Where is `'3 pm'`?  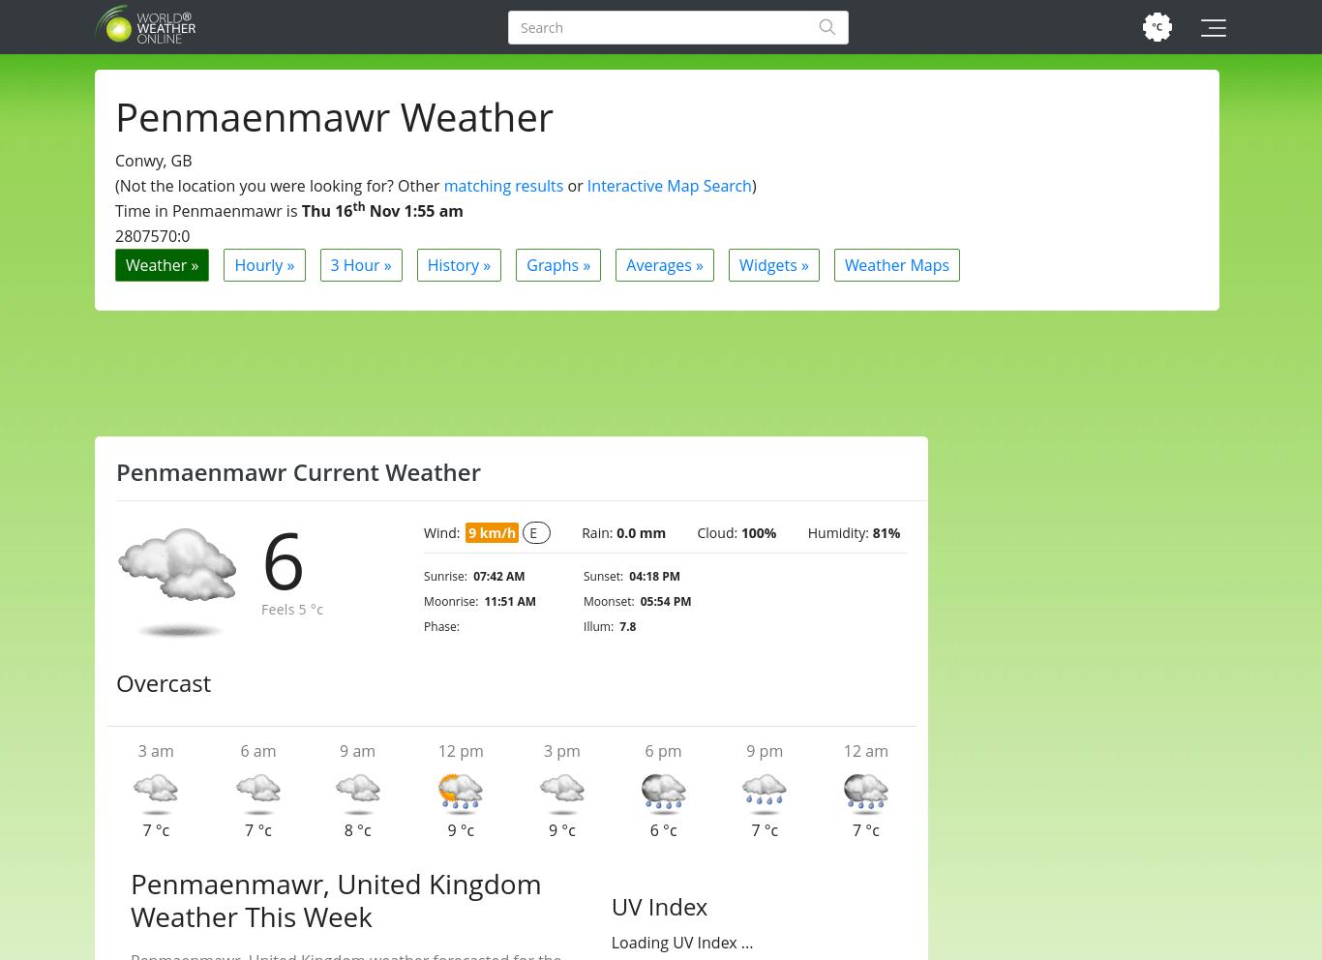
'3 pm' is located at coordinates (560, 750).